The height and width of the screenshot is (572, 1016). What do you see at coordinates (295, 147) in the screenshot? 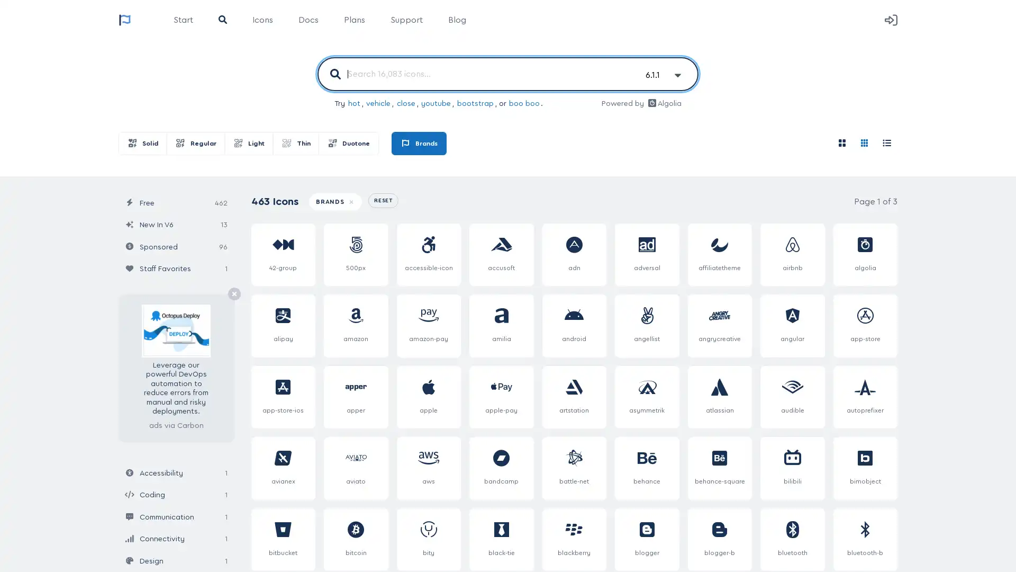
I see `Light` at bounding box center [295, 147].